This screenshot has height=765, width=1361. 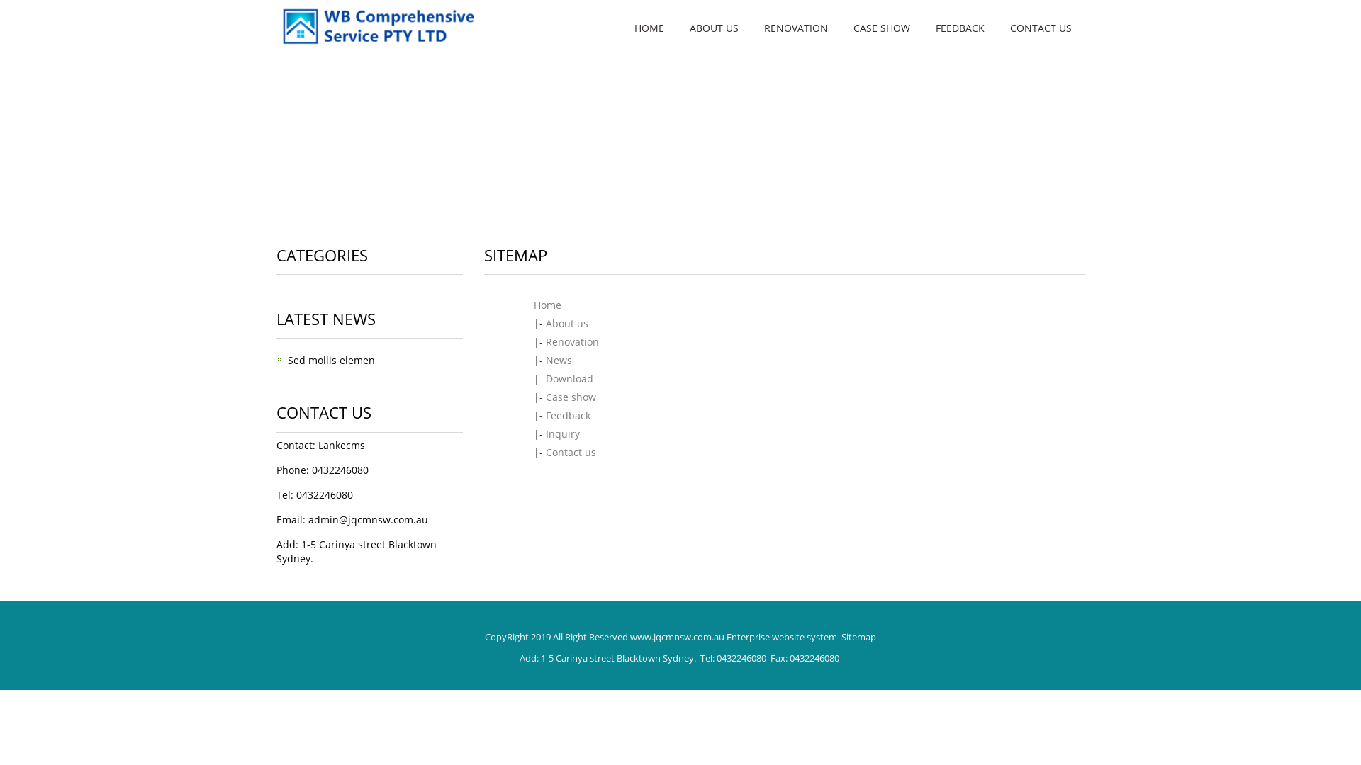 What do you see at coordinates (571, 452) in the screenshot?
I see `'Contact us'` at bounding box center [571, 452].